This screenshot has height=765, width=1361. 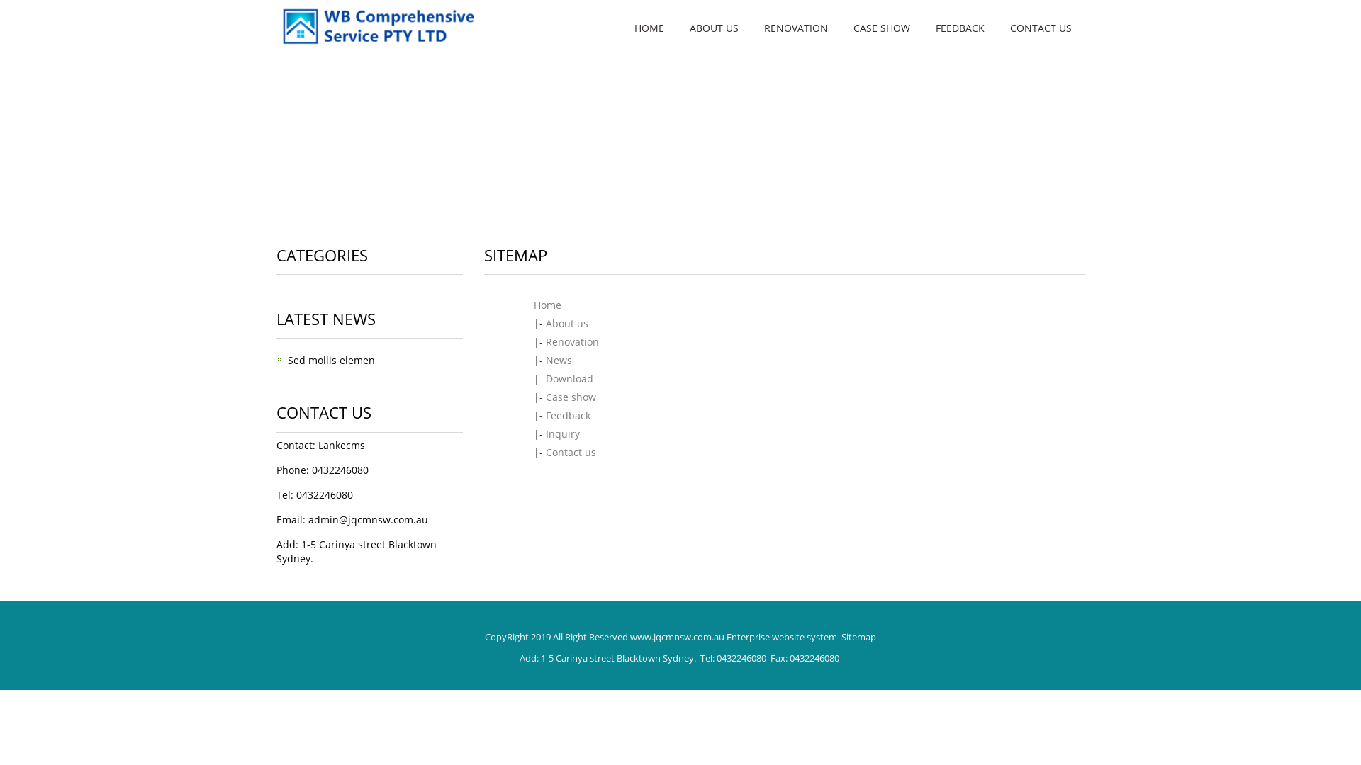 What do you see at coordinates (571, 452) in the screenshot?
I see `'Contact us'` at bounding box center [571, 452].